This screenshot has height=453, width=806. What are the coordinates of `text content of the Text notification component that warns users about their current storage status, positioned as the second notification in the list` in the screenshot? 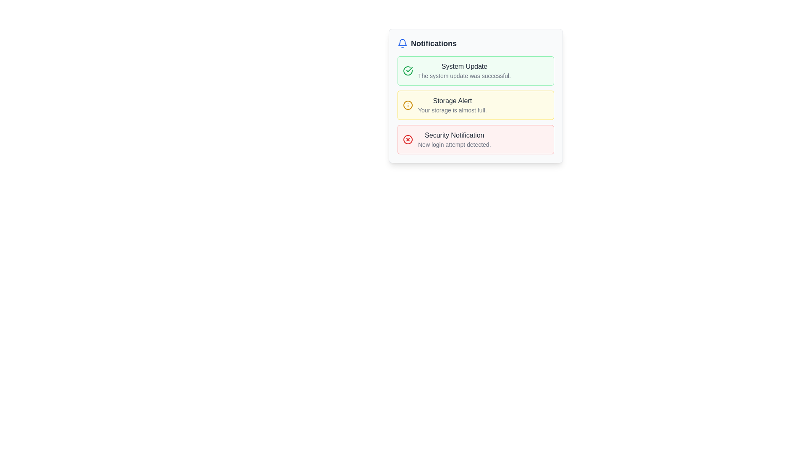 It's located at (452, 104).